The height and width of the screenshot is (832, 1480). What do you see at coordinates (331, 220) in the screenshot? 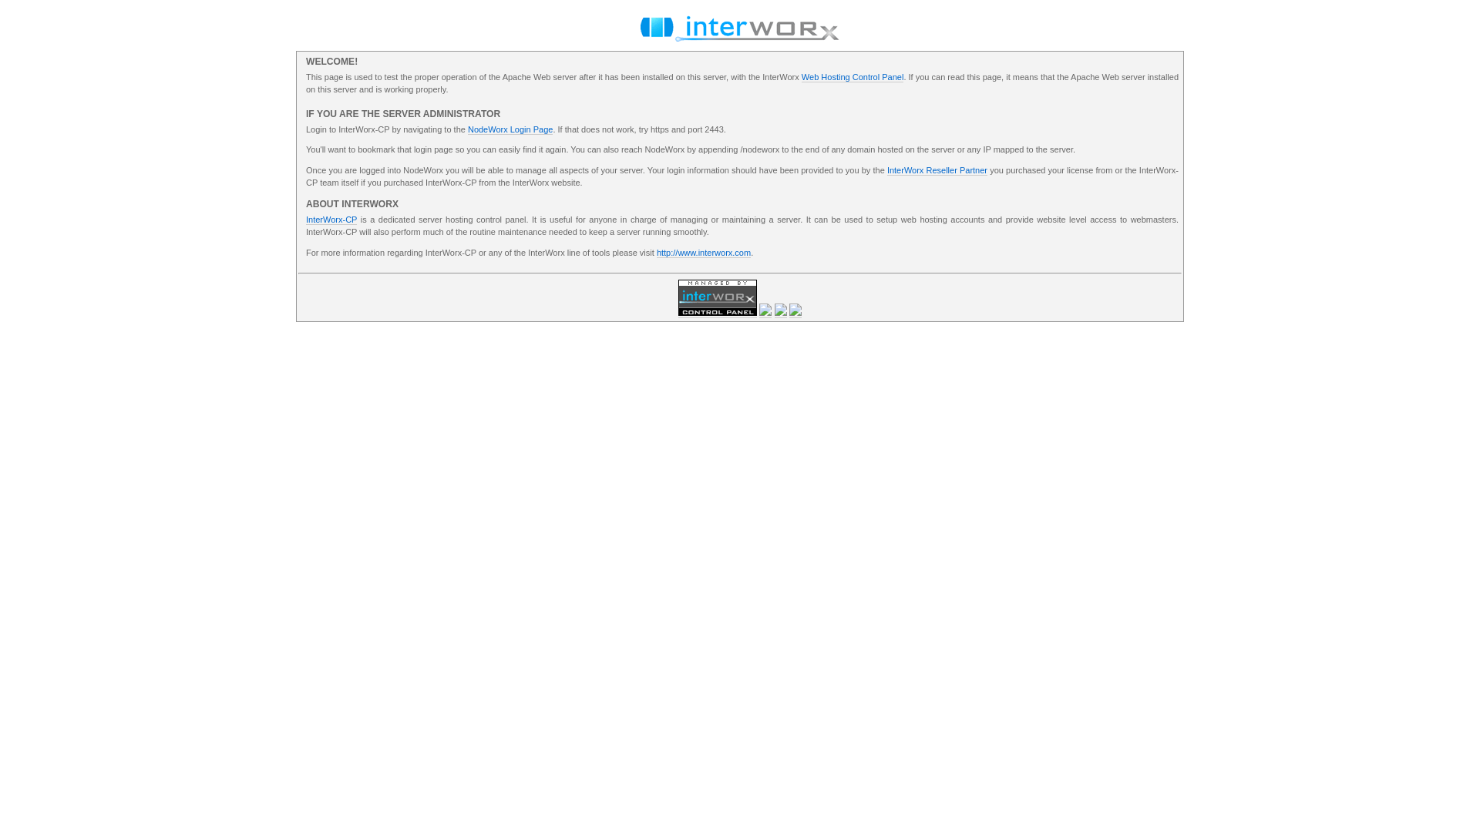
I see `'InterWorx-CP'` at bounding box center [331, 220].